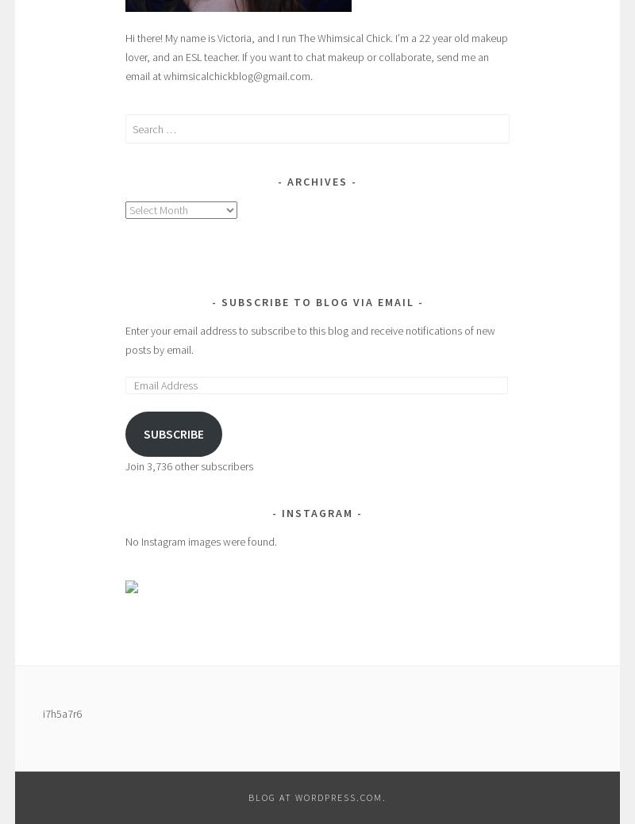 This screenshot has height=824, width=635. I want to click on 'Blog at WordPress.com.', so click(317, 797).